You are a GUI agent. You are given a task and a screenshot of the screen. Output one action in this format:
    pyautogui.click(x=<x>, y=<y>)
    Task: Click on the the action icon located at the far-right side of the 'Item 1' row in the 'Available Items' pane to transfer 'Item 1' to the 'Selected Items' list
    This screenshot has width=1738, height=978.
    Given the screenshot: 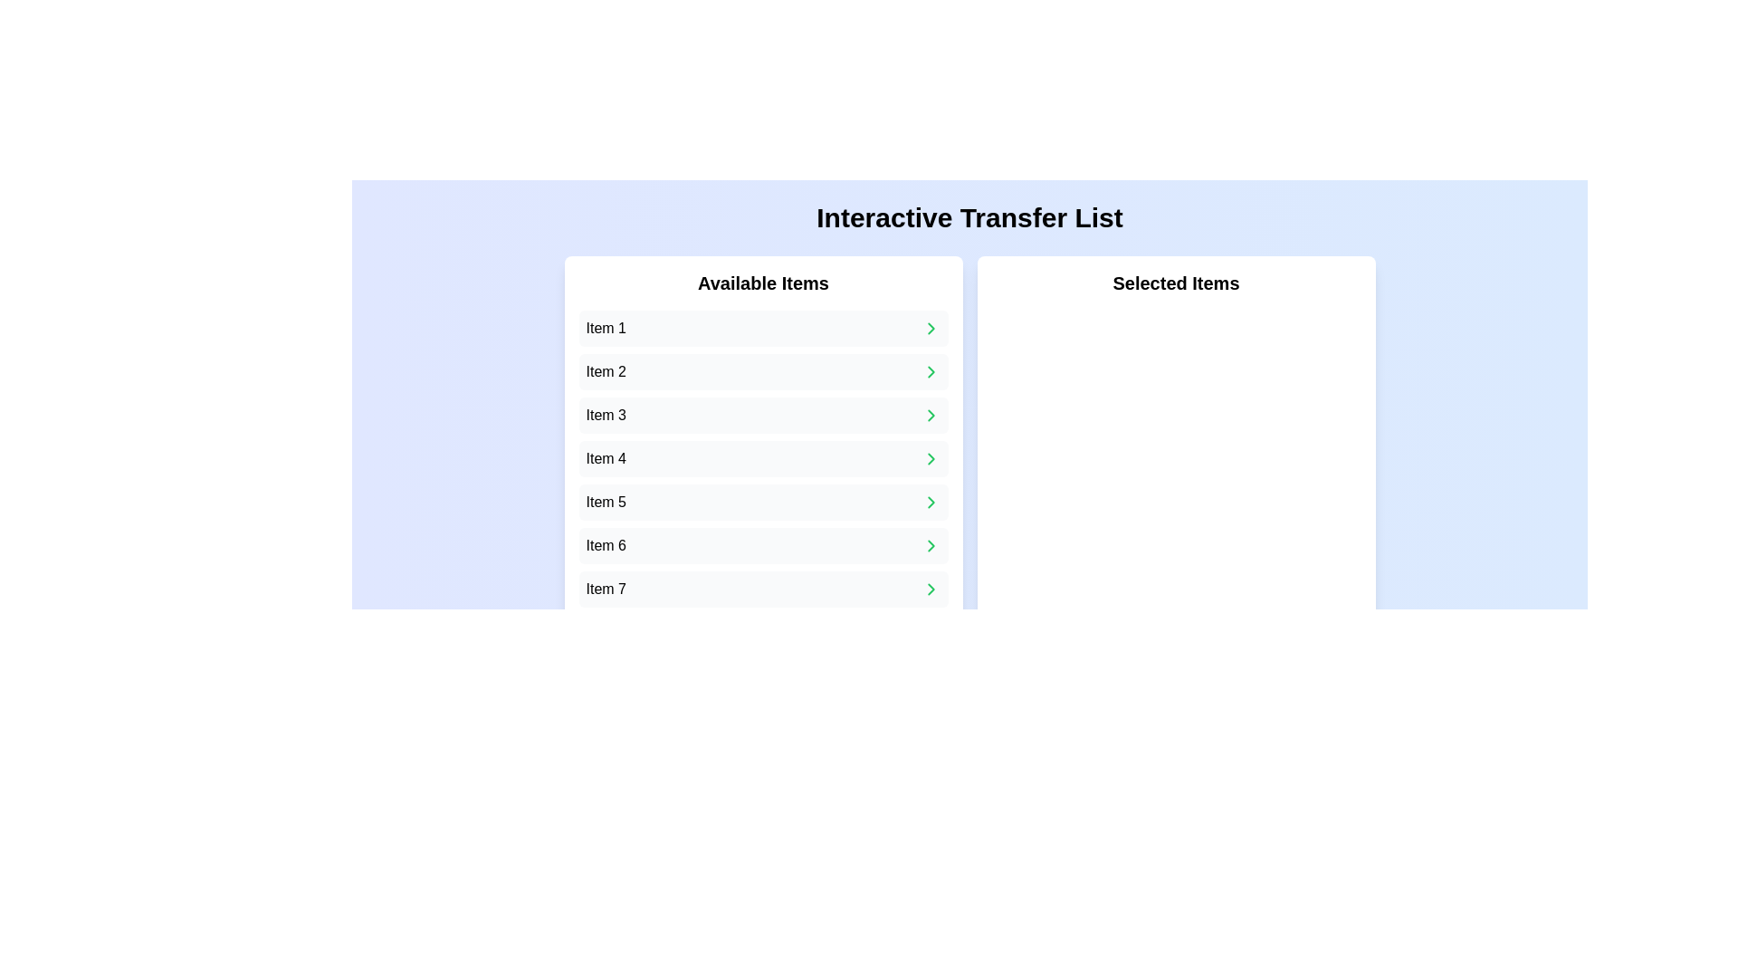 What is the action you would take?
    pyautogui.click(x=931, y=328)
    